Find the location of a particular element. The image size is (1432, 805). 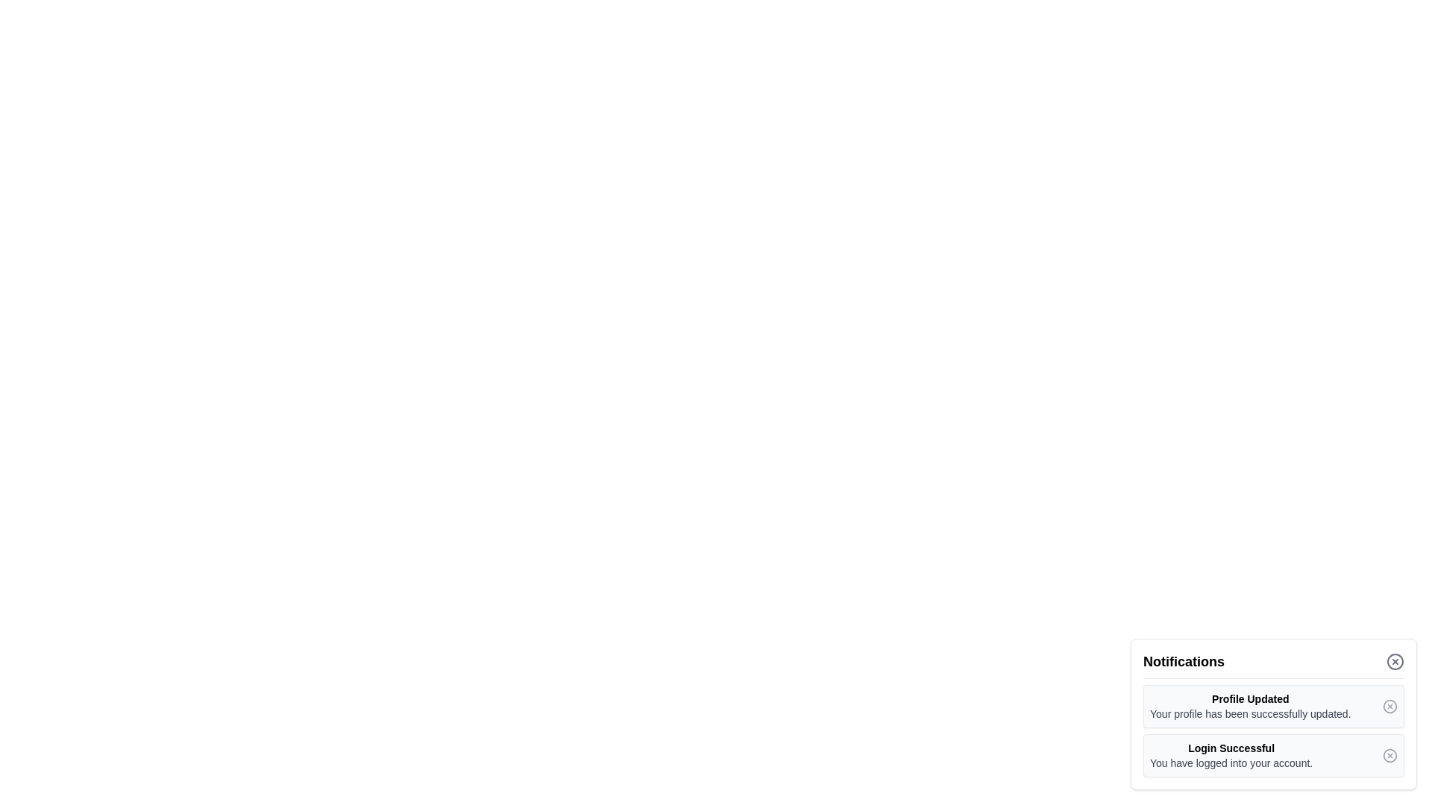

the Circle element within the SVG graphic that represents the close button for the notification titled 'Profile Updated' is located at coordinates (1389, 706).